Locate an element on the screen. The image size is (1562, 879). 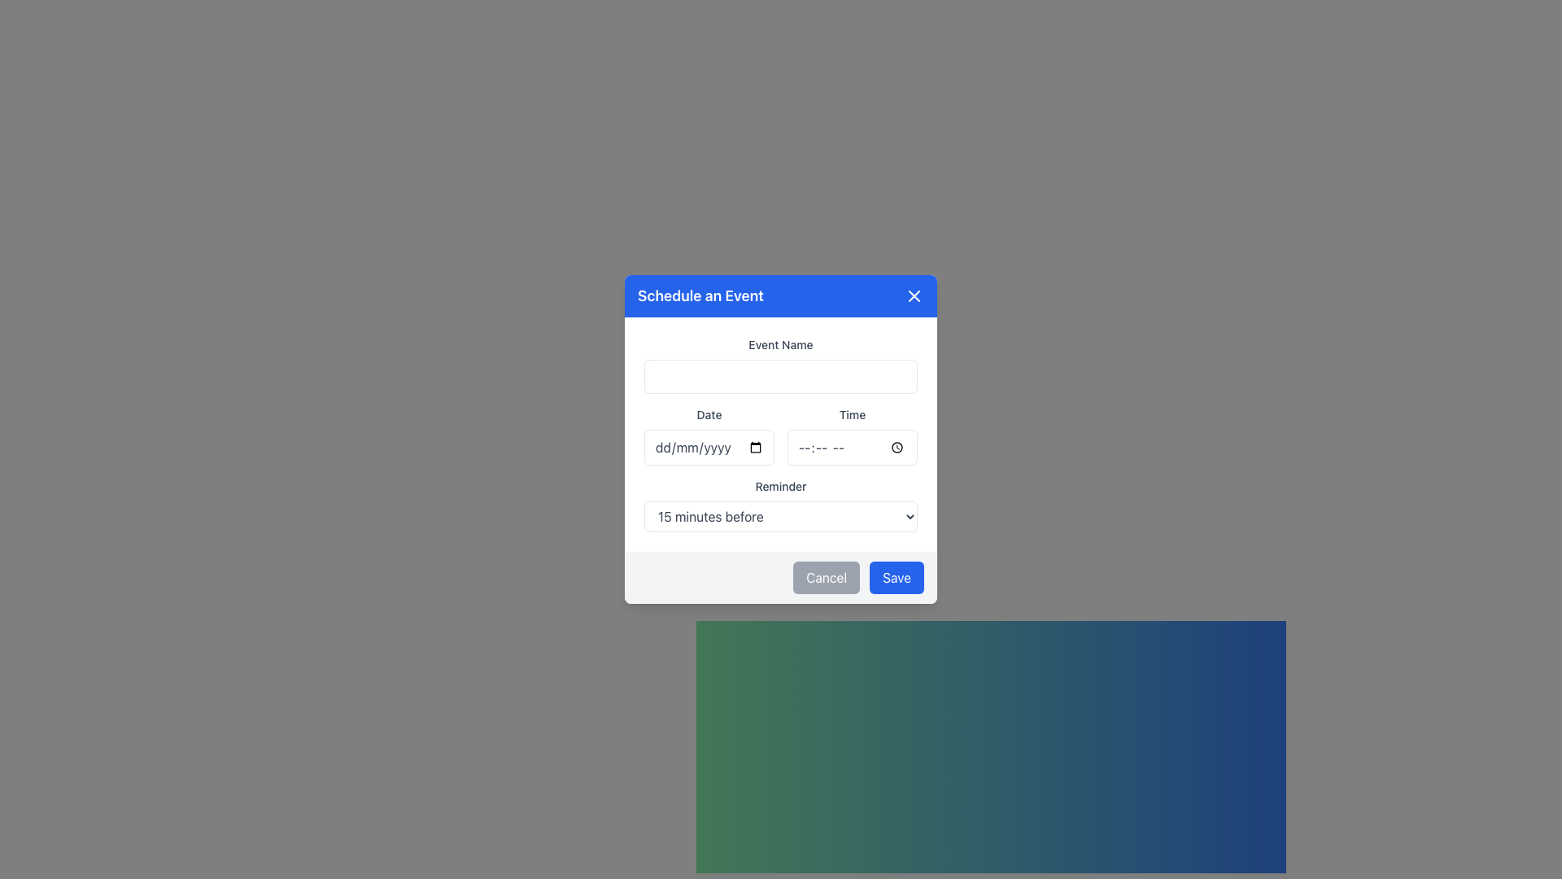
the text label that describes the date input field in the 'Schedule an Event' modal is located at coordinates (709, 413).